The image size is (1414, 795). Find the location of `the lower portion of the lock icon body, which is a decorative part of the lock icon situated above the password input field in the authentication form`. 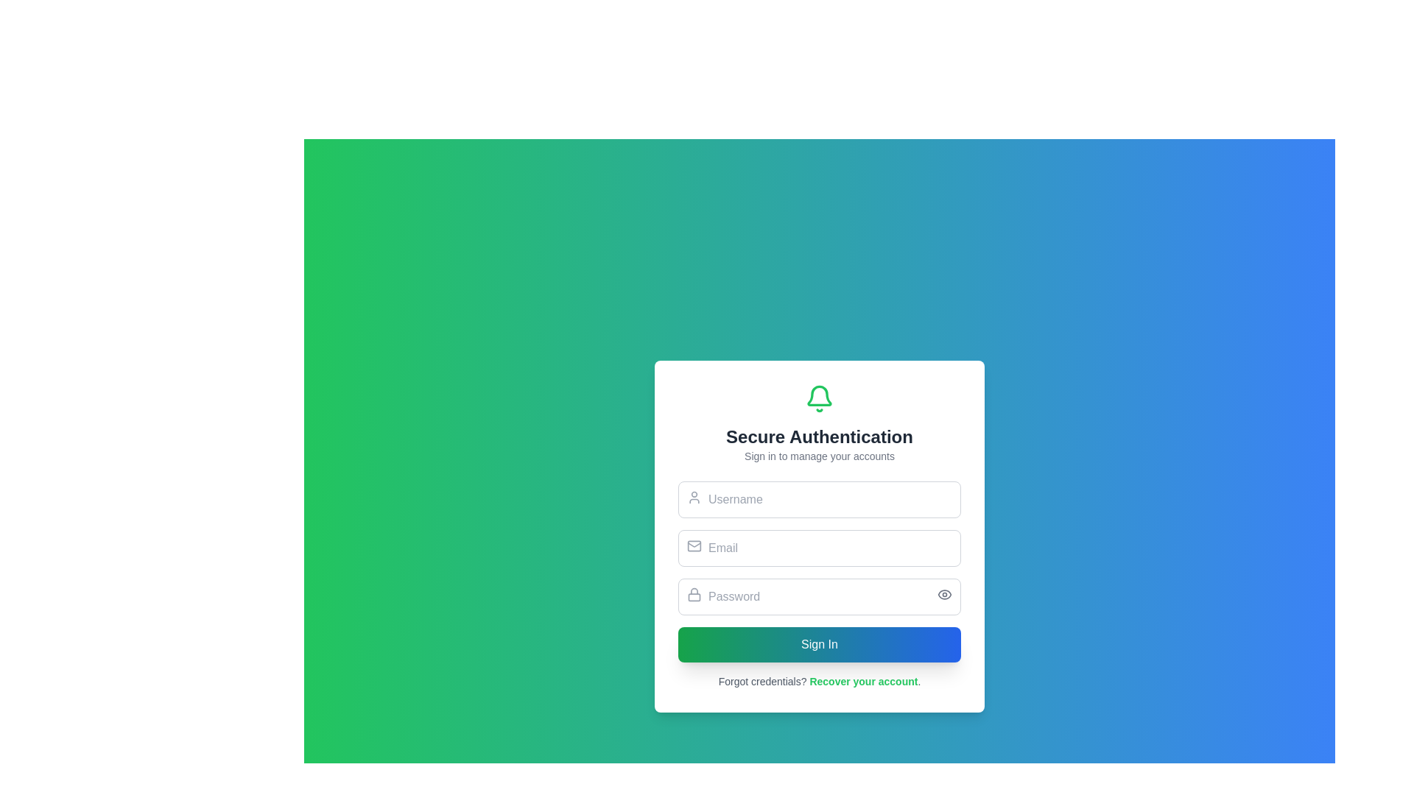

the lower portion of the lock icon body, which is a decorative part of the lock icon situated above the password input field in the authentication form is located at coordinates (693, 597).